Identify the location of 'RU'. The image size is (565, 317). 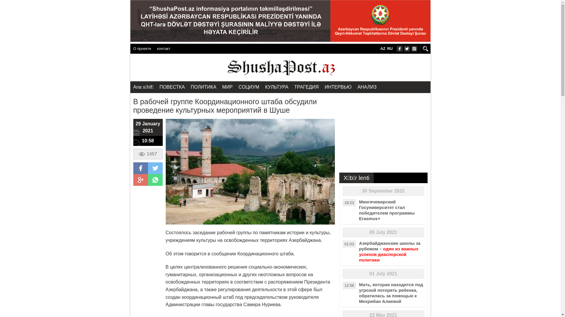
(390, 48).